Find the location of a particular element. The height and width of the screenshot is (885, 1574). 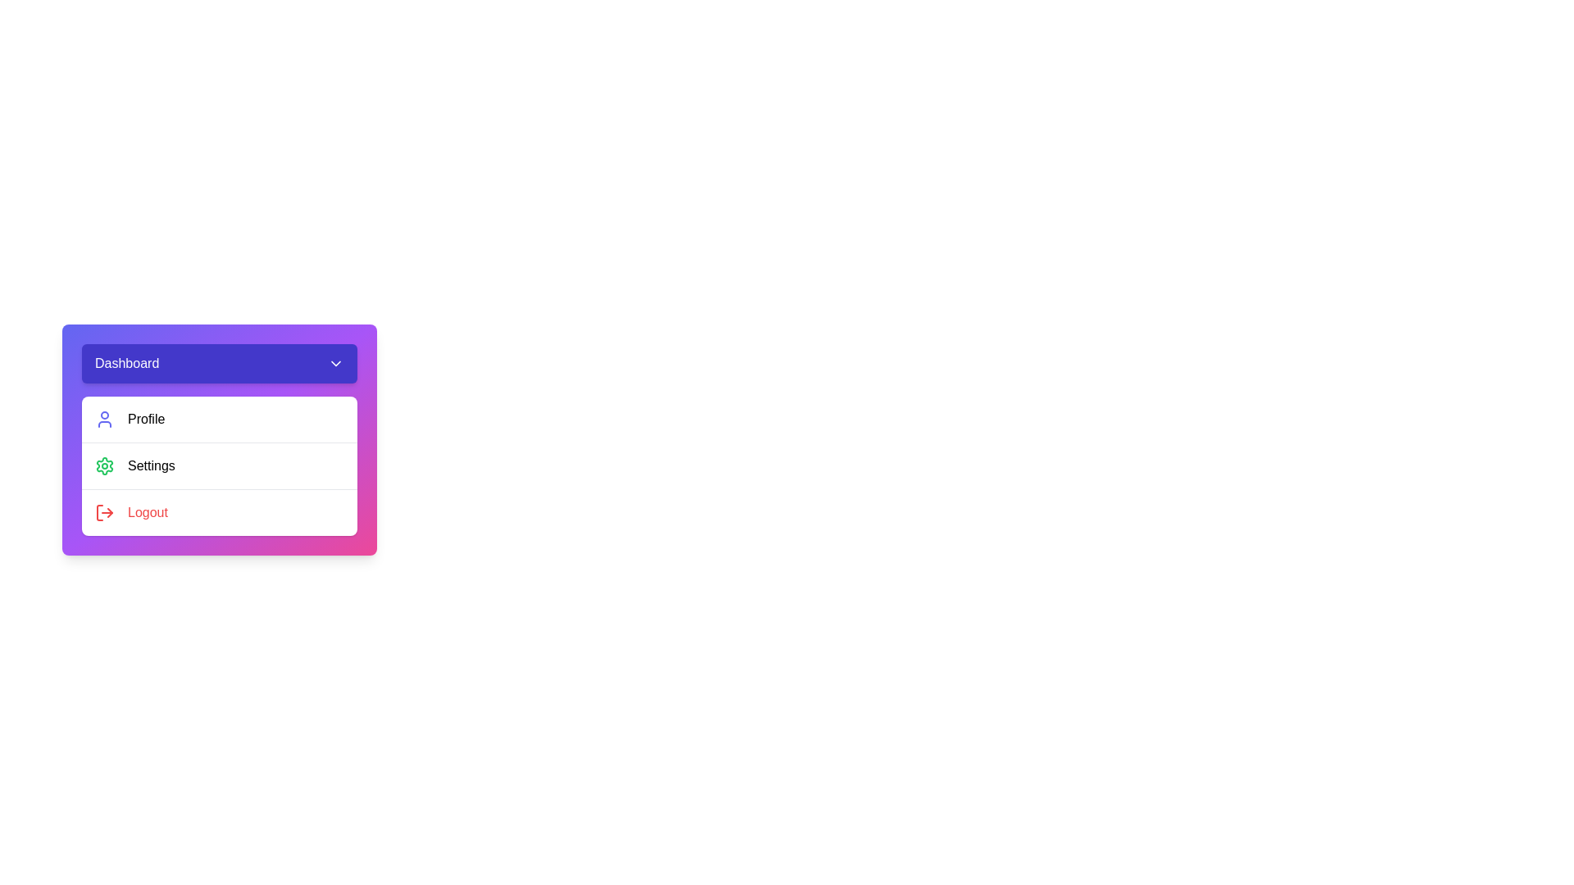

the 'Settings' option in the menu is located at coordinates (219, 465).